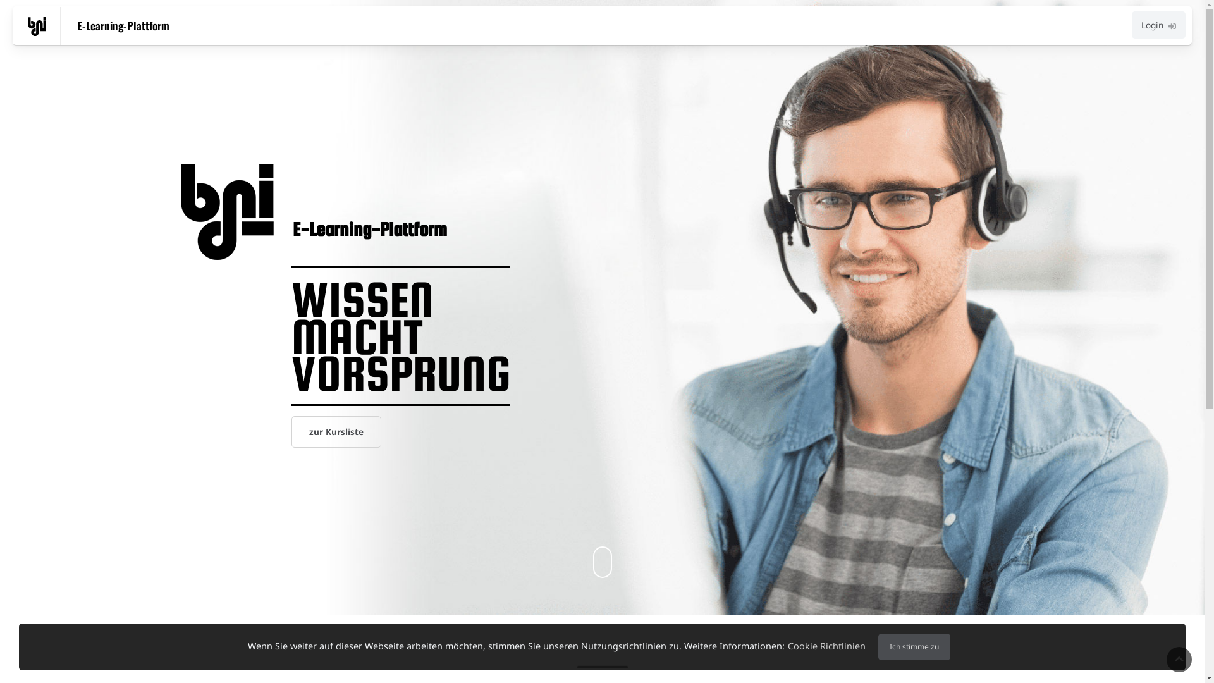 The image size is (1214, 683). Describe the element at coordinates (1158, 25) in the screenshot. I see `'Login'` at that location.